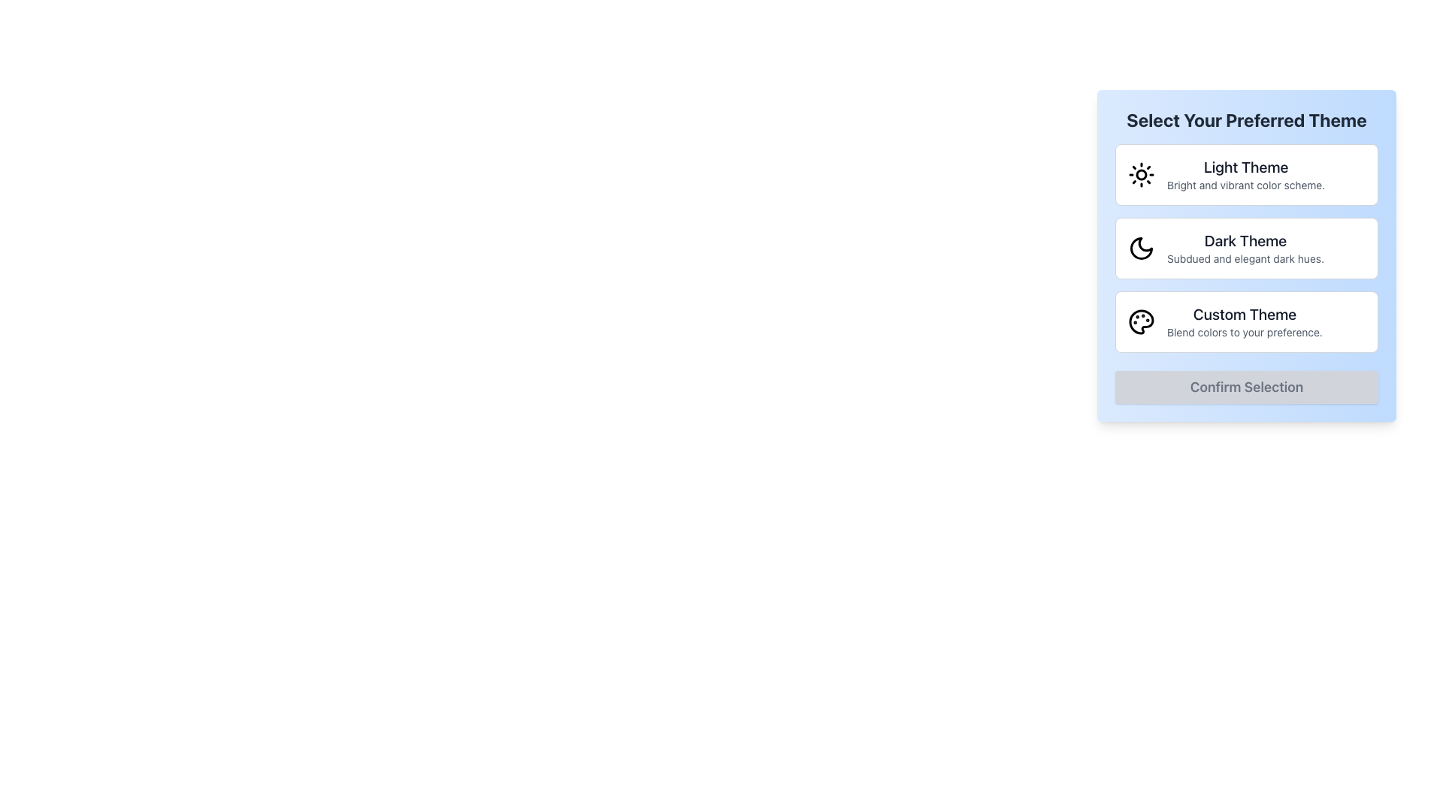 The width and height of the screenshot is (1443, 811). What do you see at coordinates (1141, 248) in the screenshot?
I see `the Dark Theme icon, which visually represents the 'Dark Theme' option and is located inside the 'Dark Theme' option box on the interface` at bounding box center [1141, 248].